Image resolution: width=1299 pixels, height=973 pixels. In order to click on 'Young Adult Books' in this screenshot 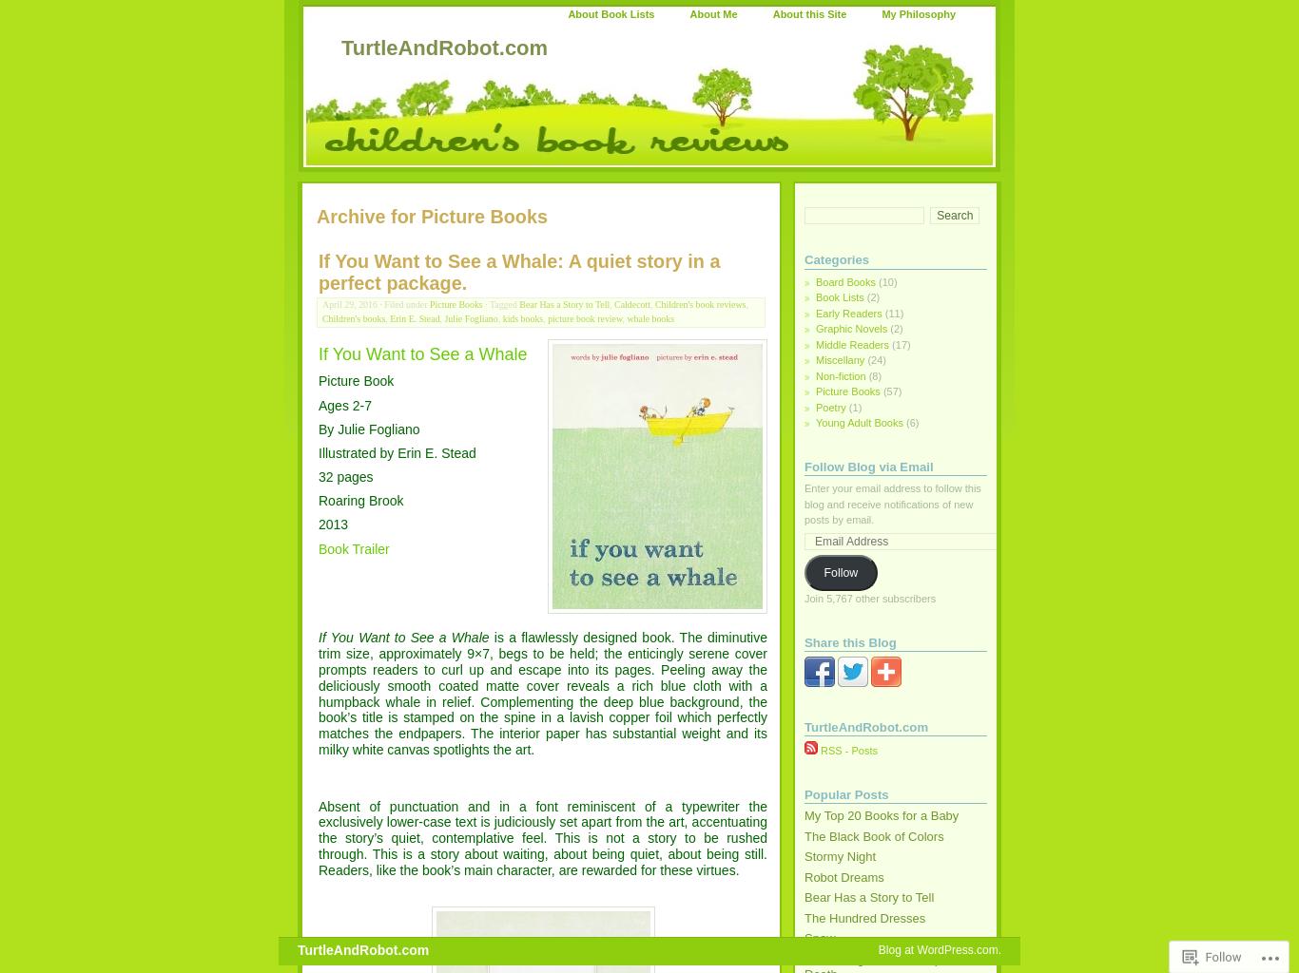, I will do `click(858, 423)`.